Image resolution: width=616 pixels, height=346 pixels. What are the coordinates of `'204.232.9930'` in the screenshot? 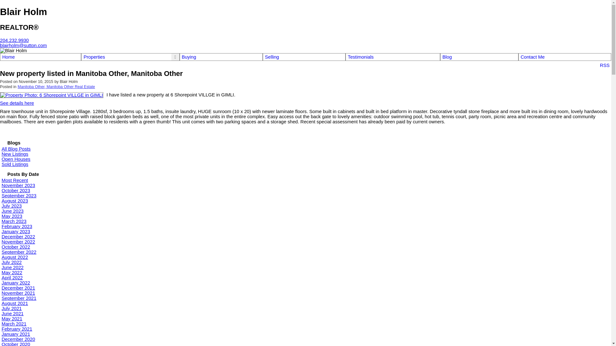 It's located at (14, 40).